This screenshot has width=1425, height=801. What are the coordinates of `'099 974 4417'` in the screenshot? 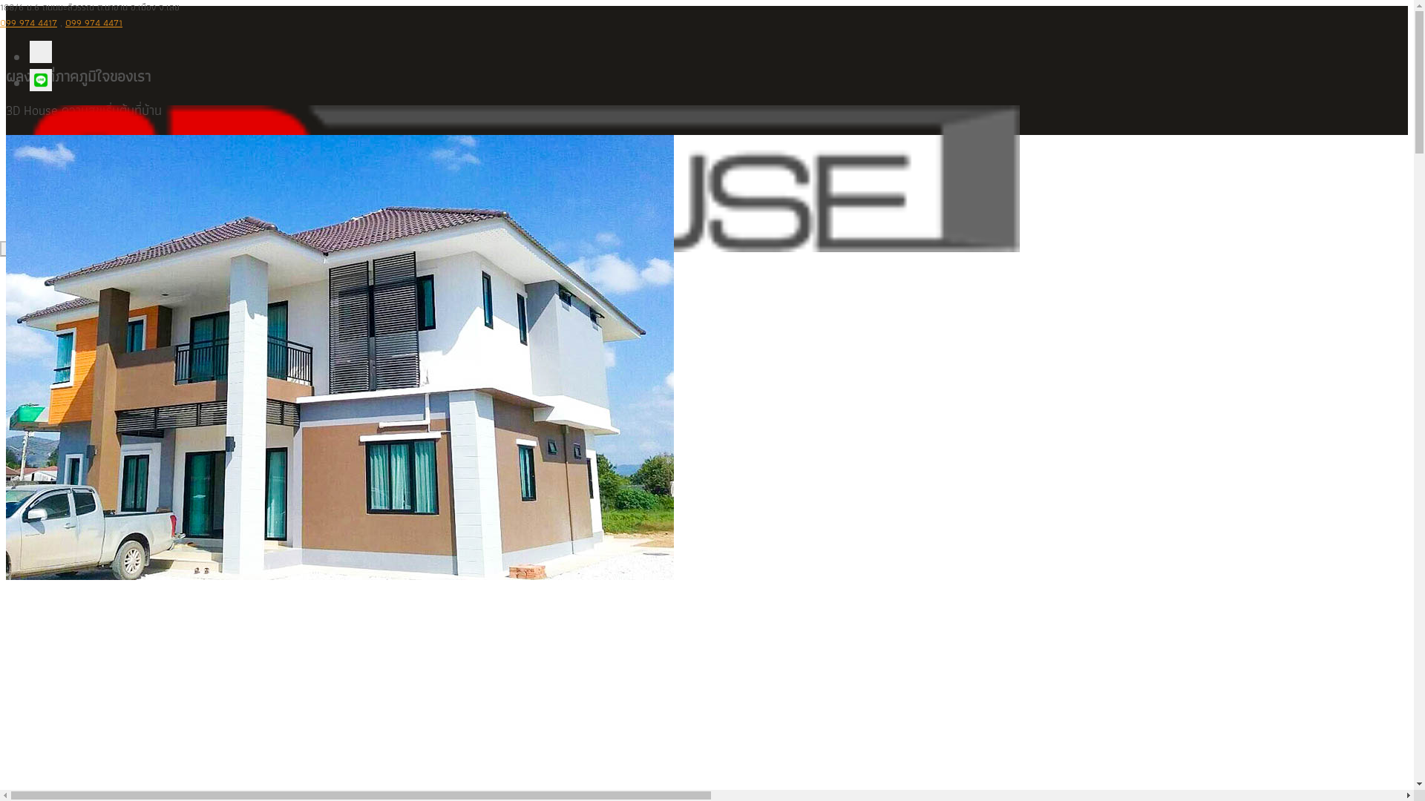 It's located at (0, 22).